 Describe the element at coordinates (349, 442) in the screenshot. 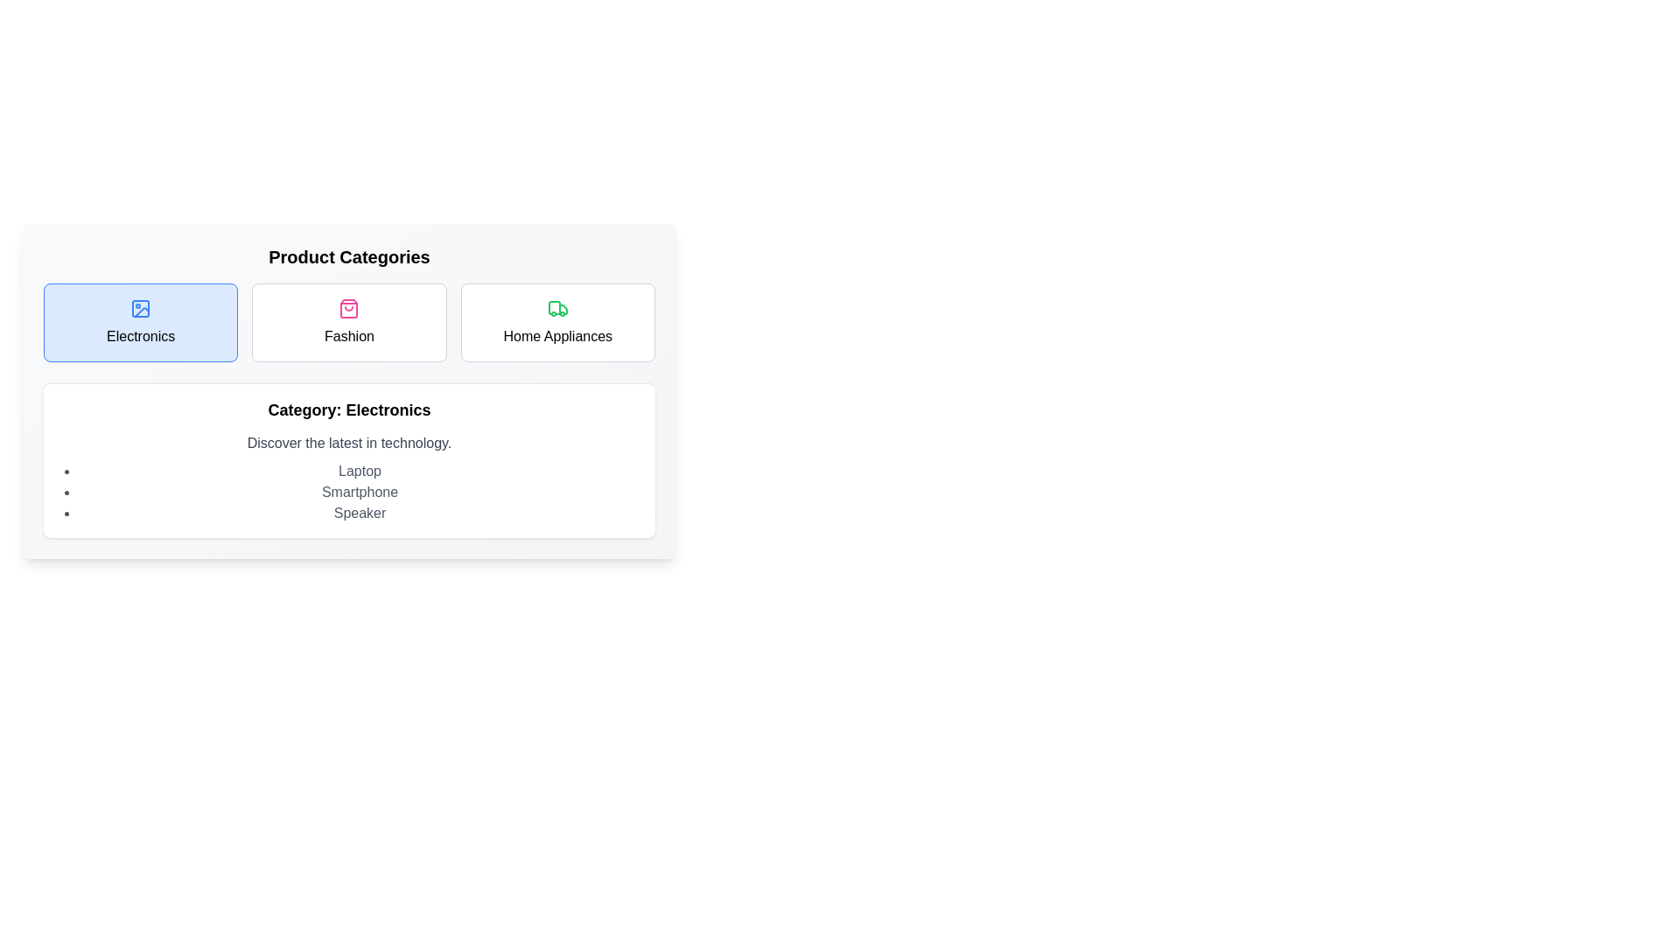

I see `the text label displaying 'Discover the latest in technology' which is styled in gray and located below the 'Category: Electronics' section heading` at that location.